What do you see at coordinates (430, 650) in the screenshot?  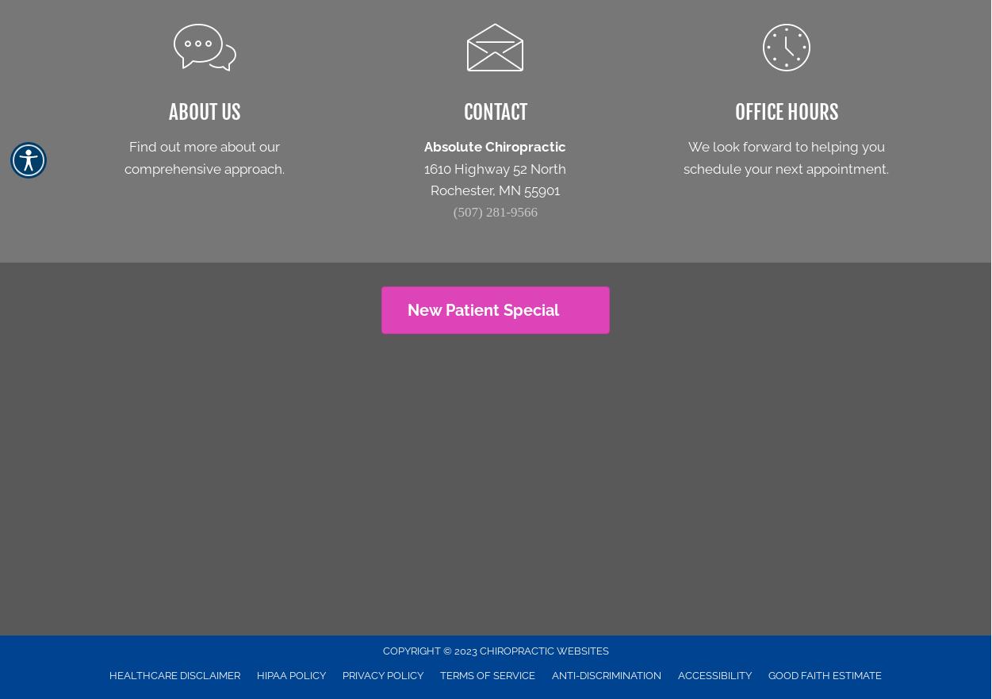 I see `'COPYRIGHT © 2023'` at bounding box center [430, 650].